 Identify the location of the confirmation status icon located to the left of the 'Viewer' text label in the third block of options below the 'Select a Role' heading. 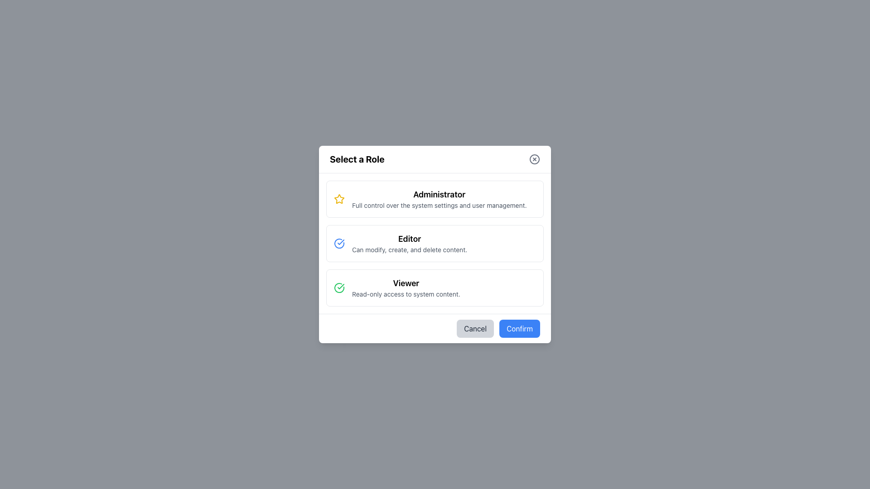
(338, 288).